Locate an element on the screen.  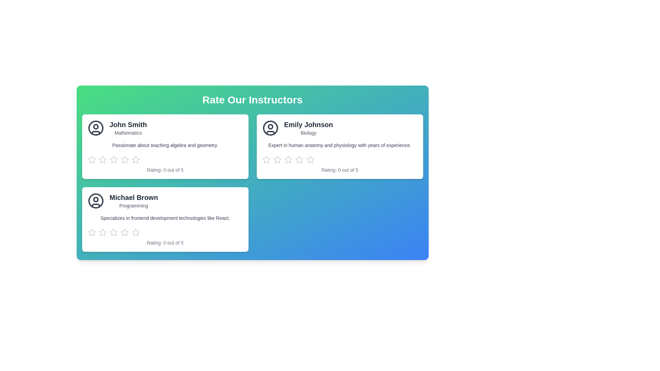
the circular, black-outlined shape at the center of Michael Brown's profile avatar icon, which is located in the second row of the information cards is located at coordinates (95, 201).